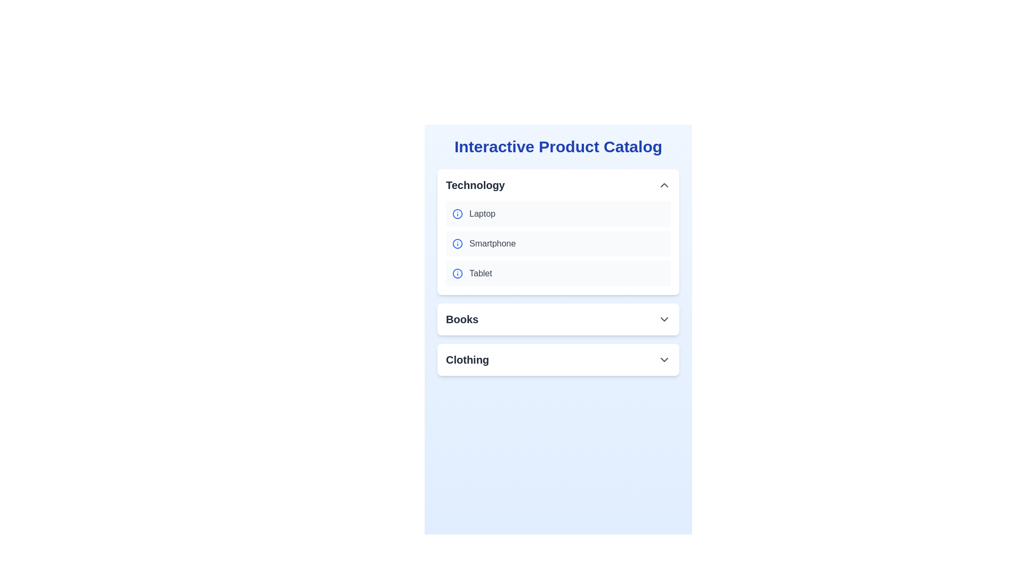 This screenshot has width=1023, height=575. What do you see at coordinates (664, 184) in the screenshot?
I see `the upward-pointing gray chevron icon button located to the right of the 'Technology' header` at bounding box center [664, 184].